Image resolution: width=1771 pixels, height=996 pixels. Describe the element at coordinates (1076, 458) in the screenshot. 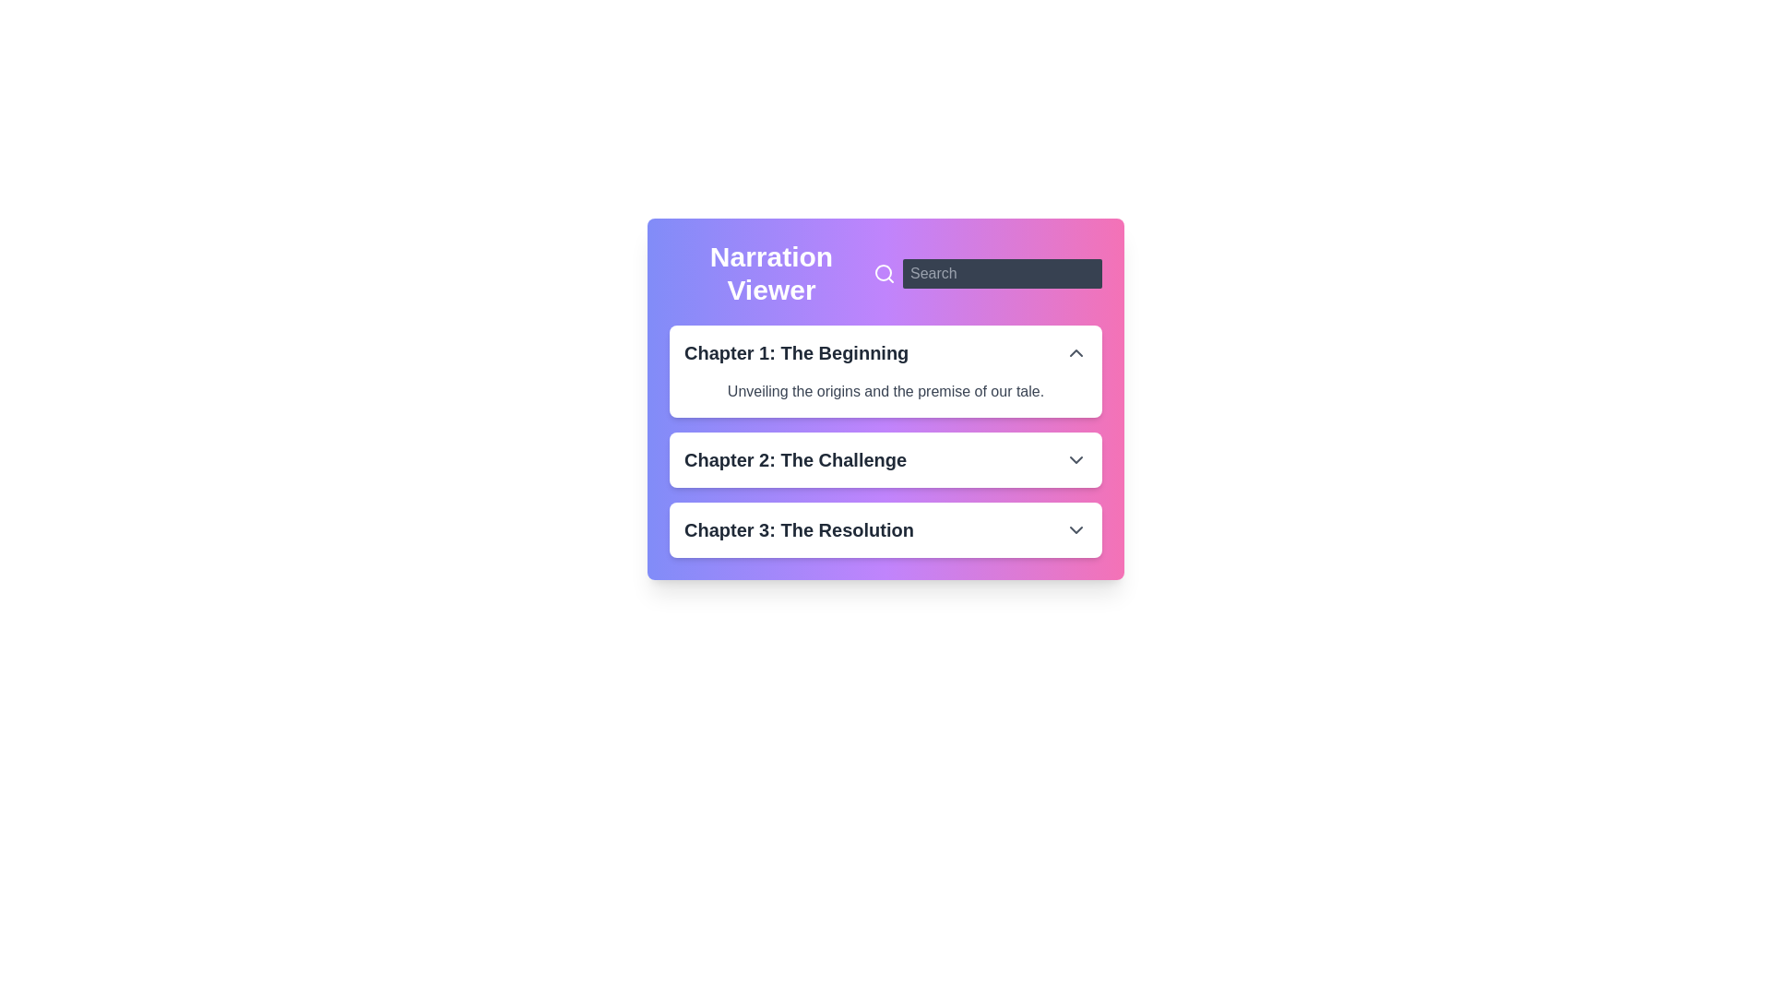

I see `the chevron icon button at the far right of the 'Chapter 2: The Challenge' header` at that location.